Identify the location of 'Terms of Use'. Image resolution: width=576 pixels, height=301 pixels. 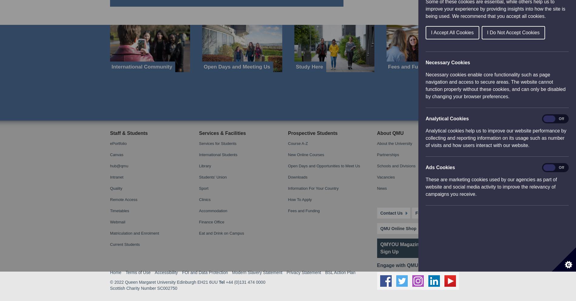
(138, 2).